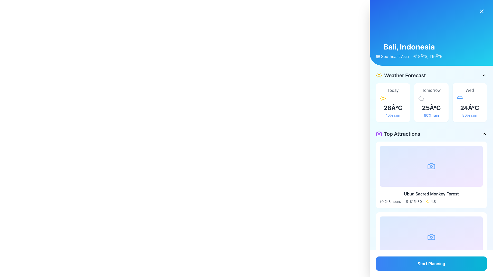 Image resolution: width=493 pixels, height=277 pixels. What do you see at coordinates (413, 201) in the screenshot?
I see `the cost-related information provided by the Text Label located in the 'Top Attractions' section, specifically beneath an image placeholder and next to the numerical entry '2-3 hours' and rating value '4.8'` at bounding box center [413, 201].